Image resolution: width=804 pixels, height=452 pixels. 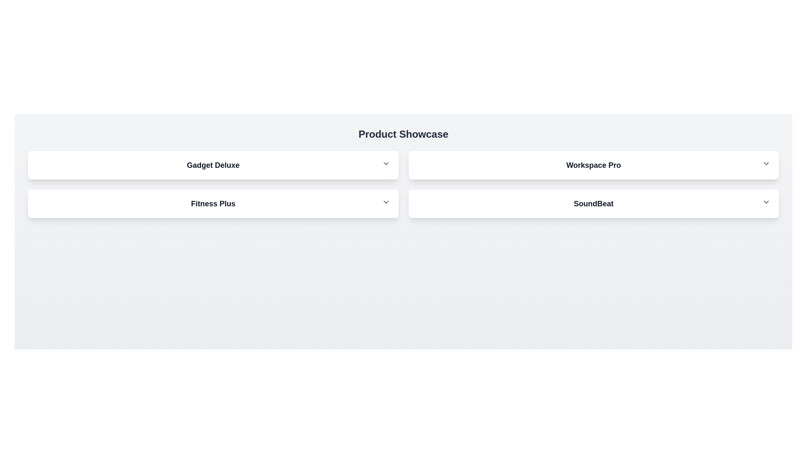 I want to click on the 'Fitness Plus' button in the product showcase, so click(x=213, y=203).